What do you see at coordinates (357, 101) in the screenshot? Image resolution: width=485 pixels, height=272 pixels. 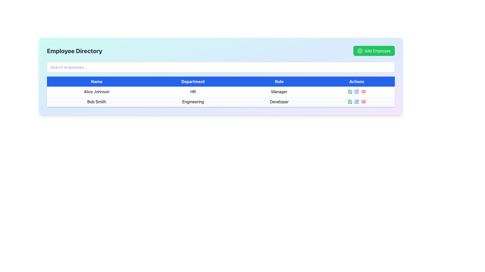 I see `the pen icon located in the 'Actions' column of the second row in the table` at bounding box center [357, 101].